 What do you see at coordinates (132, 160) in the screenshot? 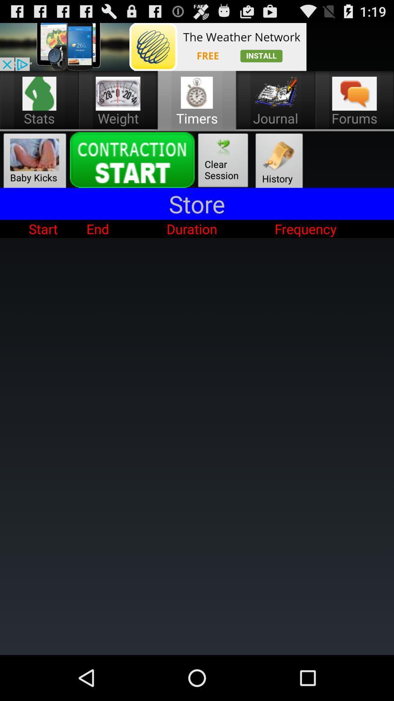
I see `start button` at bounding box center [132, 160].